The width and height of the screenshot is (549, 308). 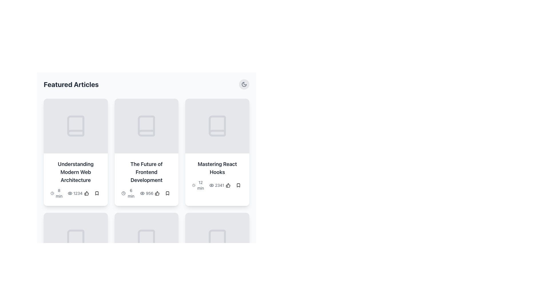 What do you see at coordinates (75, 152) in the screenshot?
I see `the card element titled 'Understanding Modern Web Architecture' located` at bounding box center [75, 152].